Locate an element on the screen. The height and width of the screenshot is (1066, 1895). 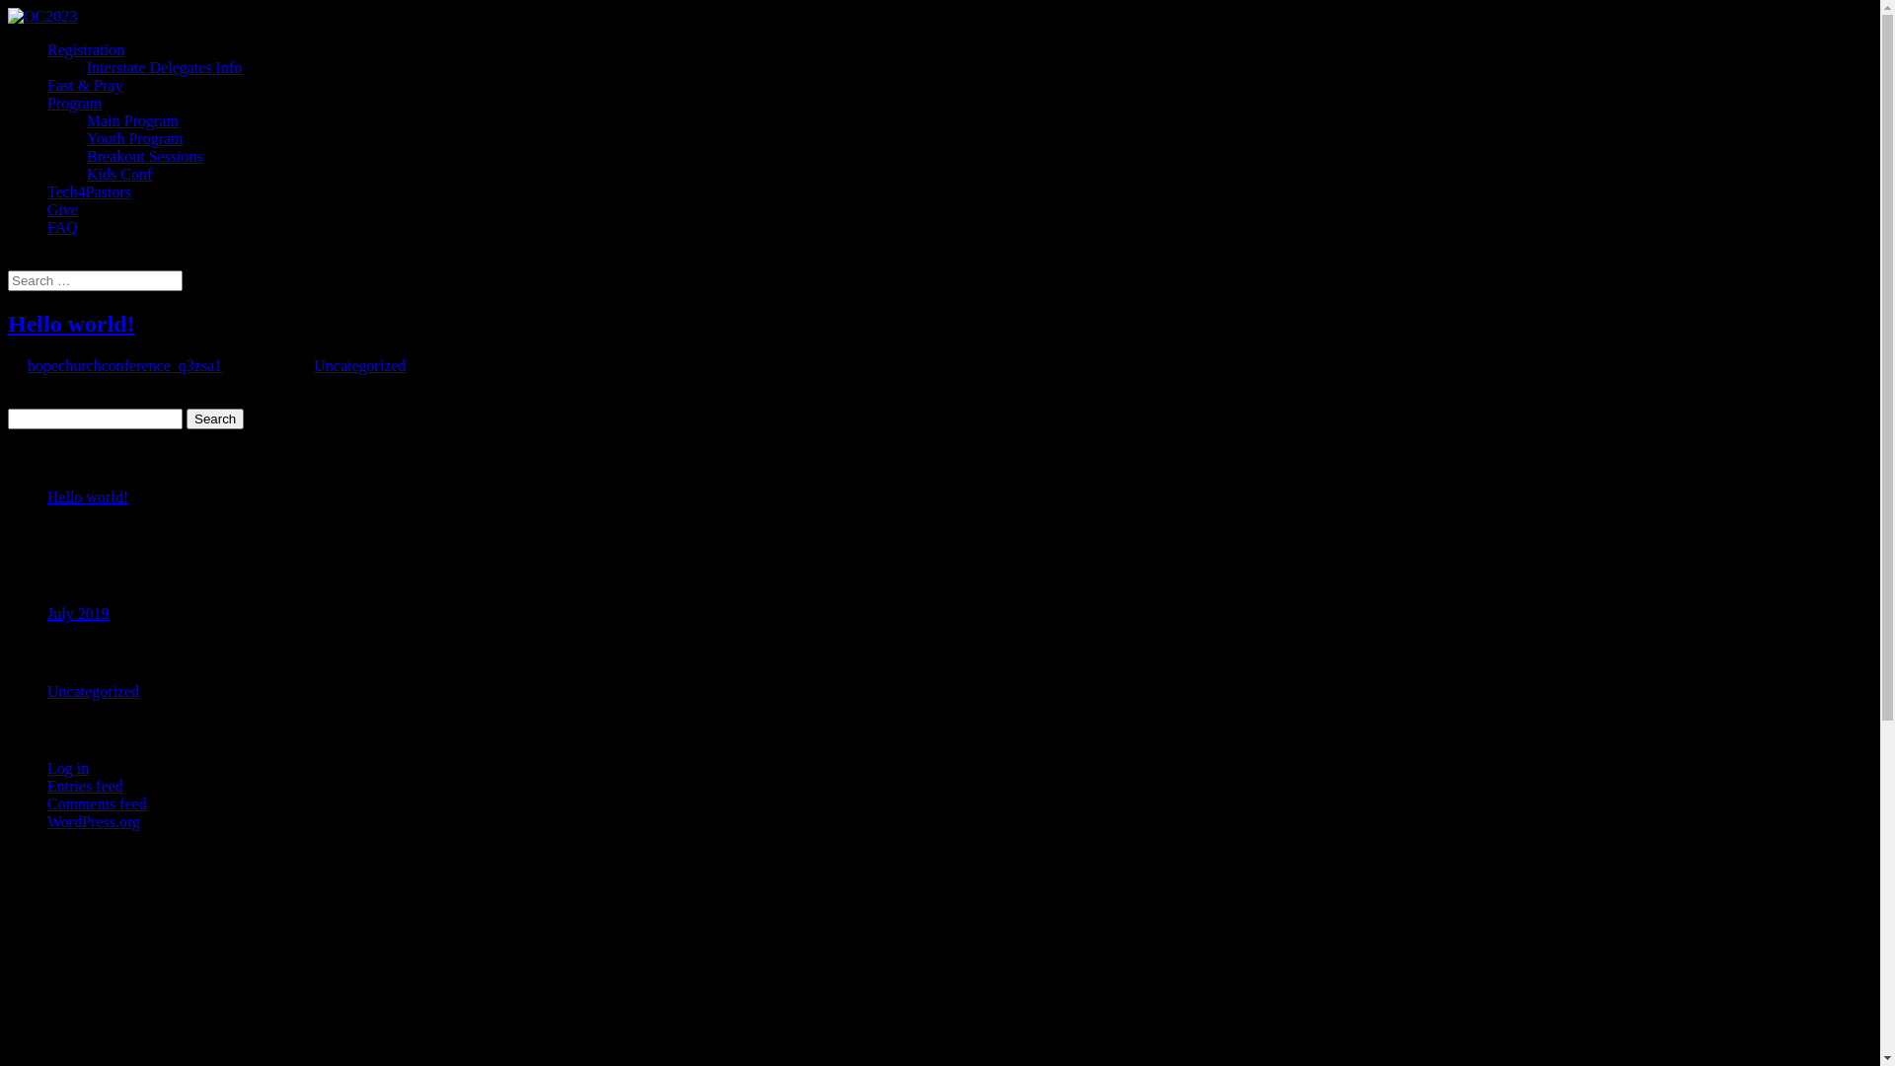
'Registration' is located at coordinates (84, 48).